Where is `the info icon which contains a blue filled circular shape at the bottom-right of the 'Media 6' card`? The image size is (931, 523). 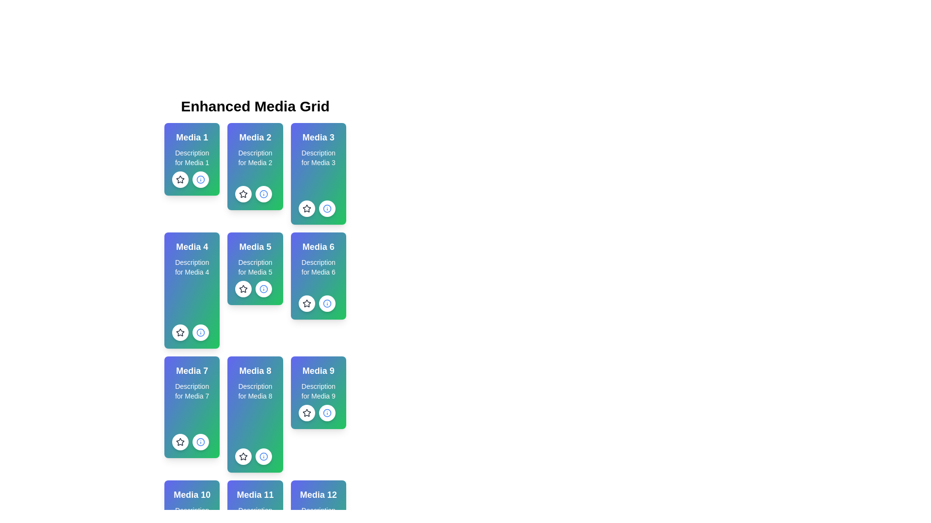
the info icon which contains a blue filled circular shape at the bottom-right of the 'Media 6' card is located at coordinates (327, 303).